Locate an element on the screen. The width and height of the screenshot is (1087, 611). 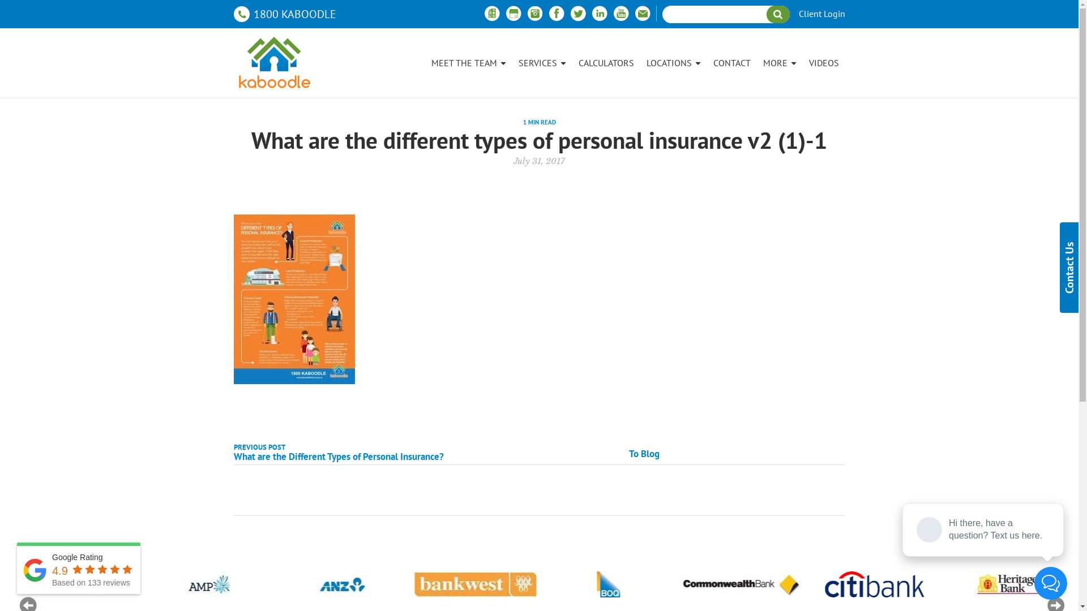
'Logo 08' is located at coordinates (861, 584).